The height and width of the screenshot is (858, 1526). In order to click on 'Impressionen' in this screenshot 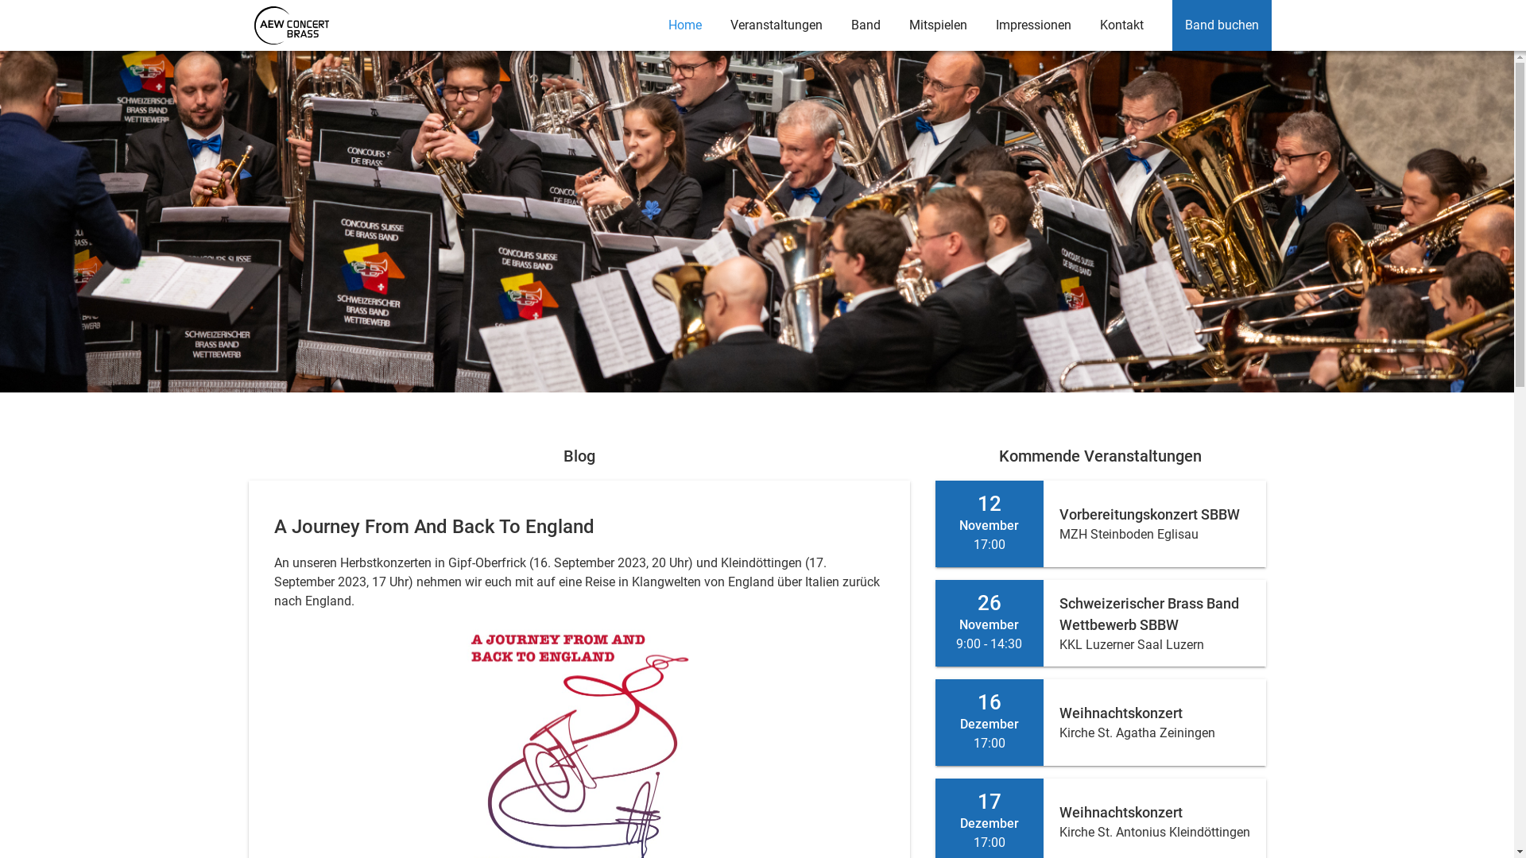, I will do `click(982, 25)`.